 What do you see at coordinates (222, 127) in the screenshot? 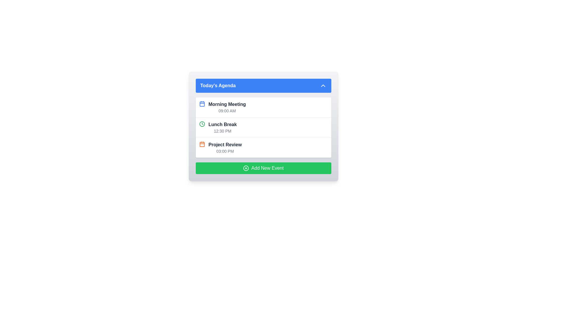
I see `the 'Lunch Break' time display element, which is the second item in the 'Today's Agenda' box` at bounding box center [222, 127].